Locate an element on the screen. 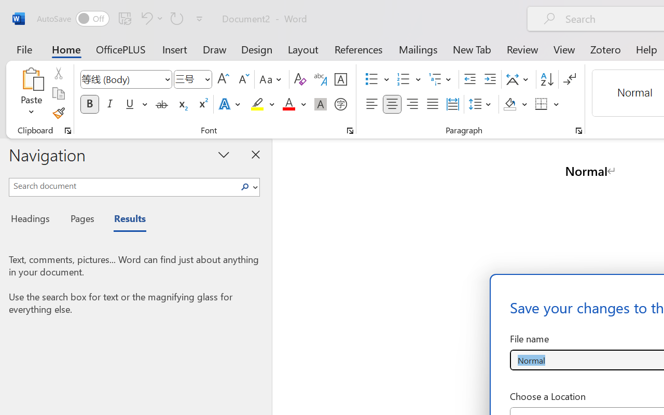 The image size is (664, 415). 'Text Effects and Typography' is located at coordinates (230, 104).